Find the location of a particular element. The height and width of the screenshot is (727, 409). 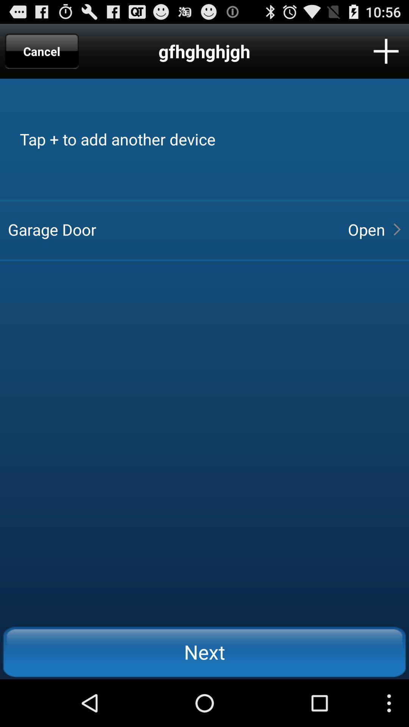

icon below tap to add item is located at coordinates (366, 229).